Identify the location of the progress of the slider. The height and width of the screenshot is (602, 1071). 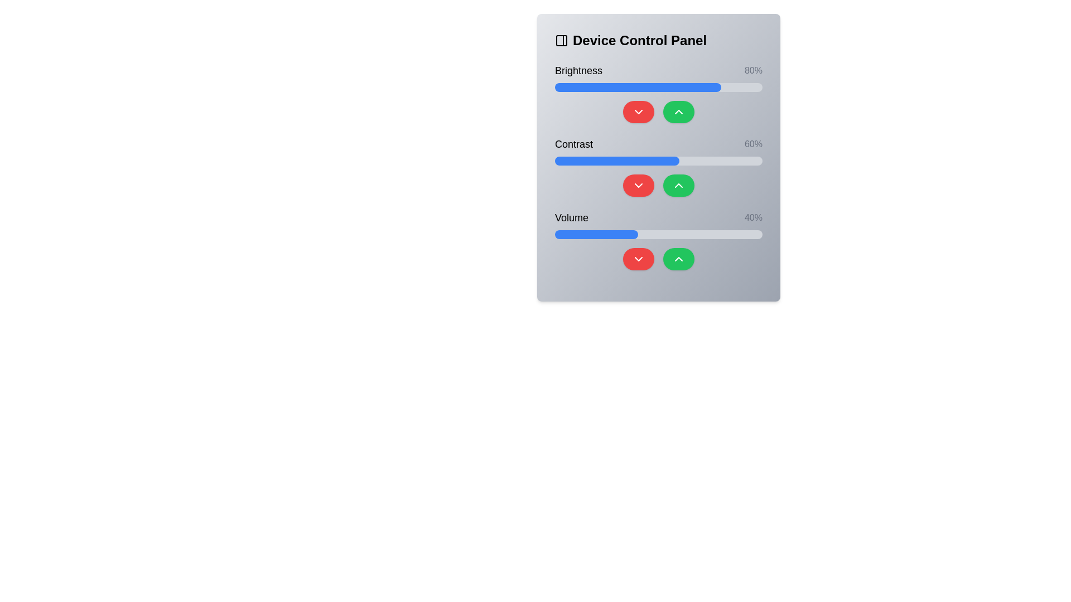
(660, 234).